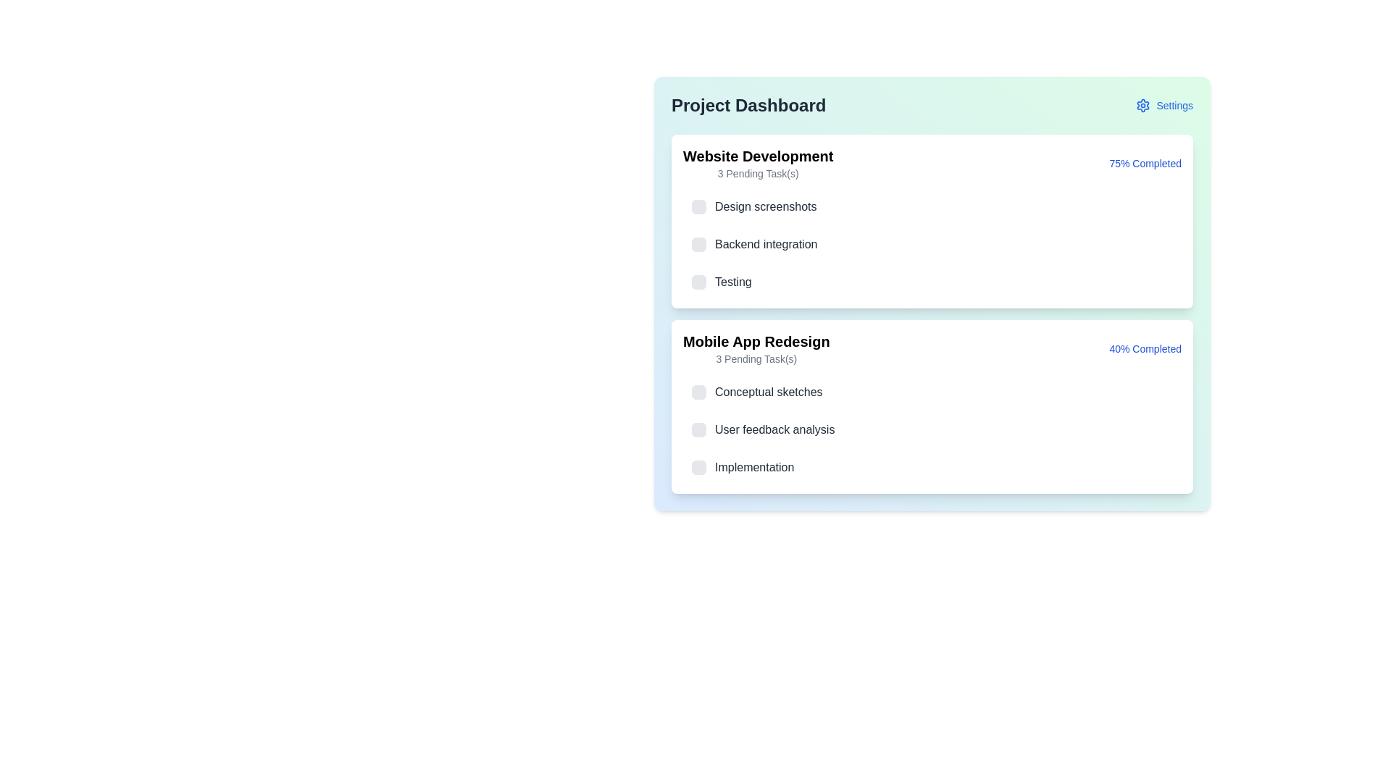  I want to click on the gray circular checkbox of the third task item labeled 'Testing' in the 'Website Development' section to mark the task as complete, so click(932, 282).